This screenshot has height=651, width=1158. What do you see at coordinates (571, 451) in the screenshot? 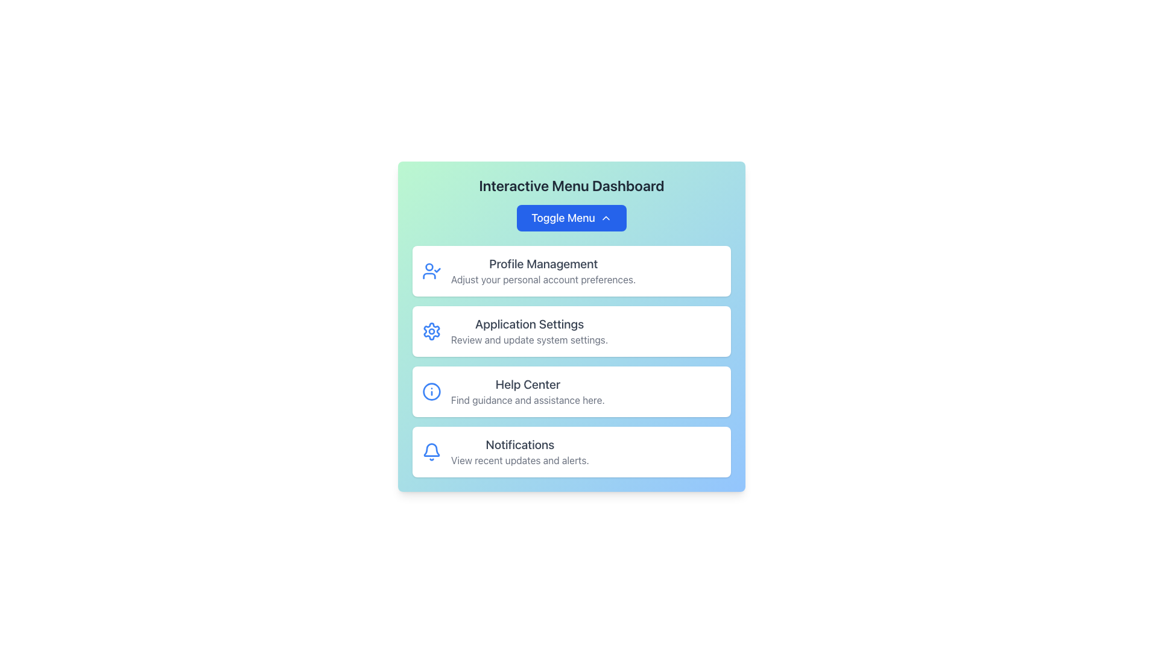
I see `the navigational button that directs users to the notifications section, which is the fourth card in a vertical stack of similar cards, located below the 'Help Center' card` at bounding box center [571, 451].